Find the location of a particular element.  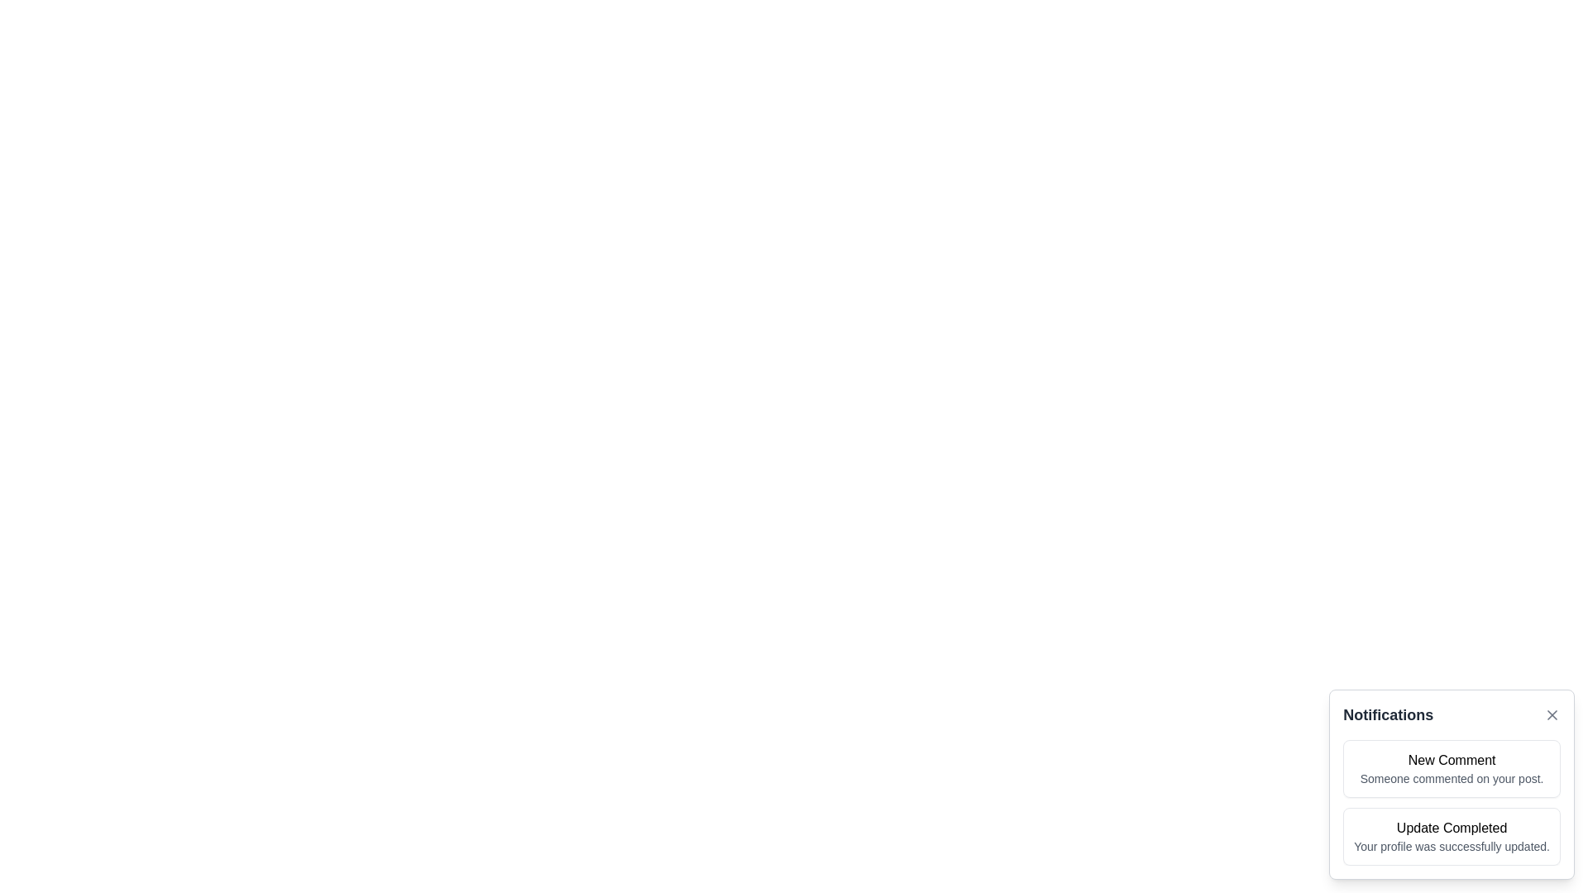

notification description provided by the Text Label located below the 'New Comment' title in the notification card is located at coordinates (1451, 778).